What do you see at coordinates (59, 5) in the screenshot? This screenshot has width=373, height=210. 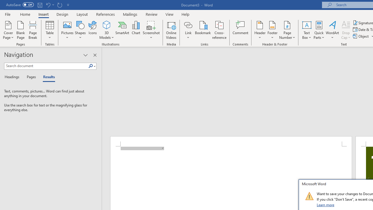 I see `'Repeat Doc Close'` at bounding box center [59, 5].